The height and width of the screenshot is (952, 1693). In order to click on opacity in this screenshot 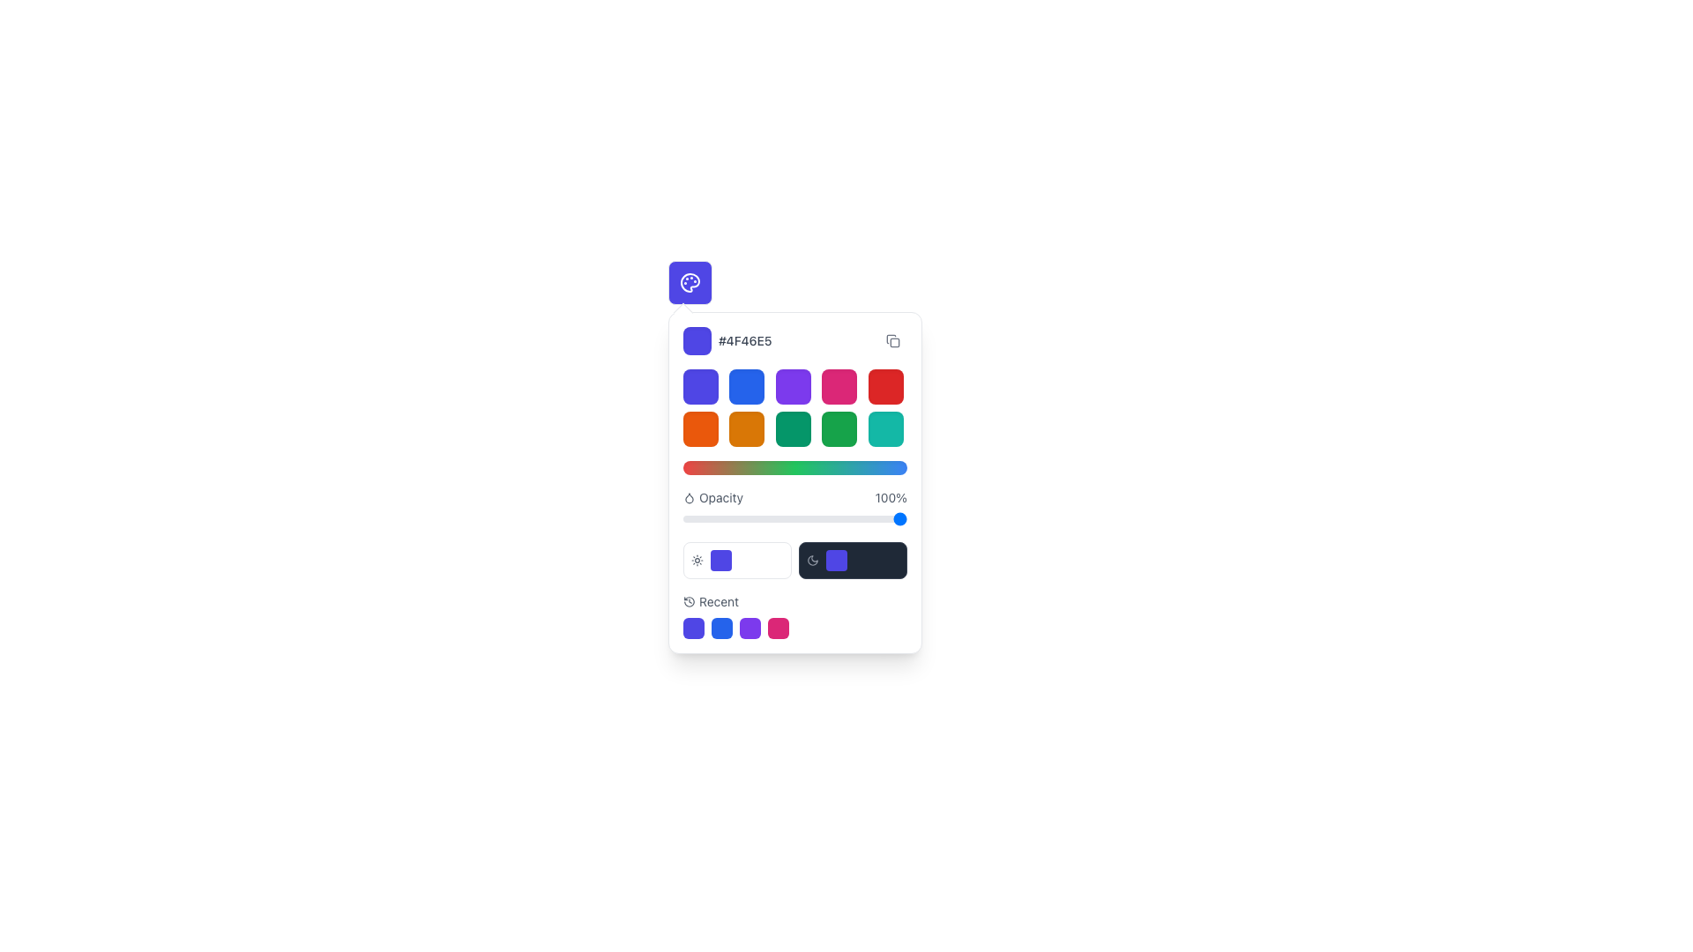, I will do `click(697, 518)`.